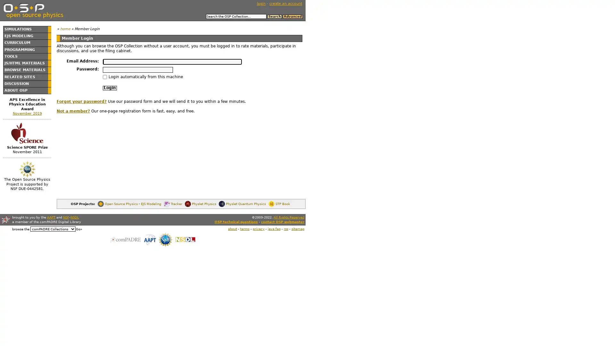 The image size is (615, 346). Describe the element at coordinates (292, 16) in the screenshot. I see `Advanced` at that location.